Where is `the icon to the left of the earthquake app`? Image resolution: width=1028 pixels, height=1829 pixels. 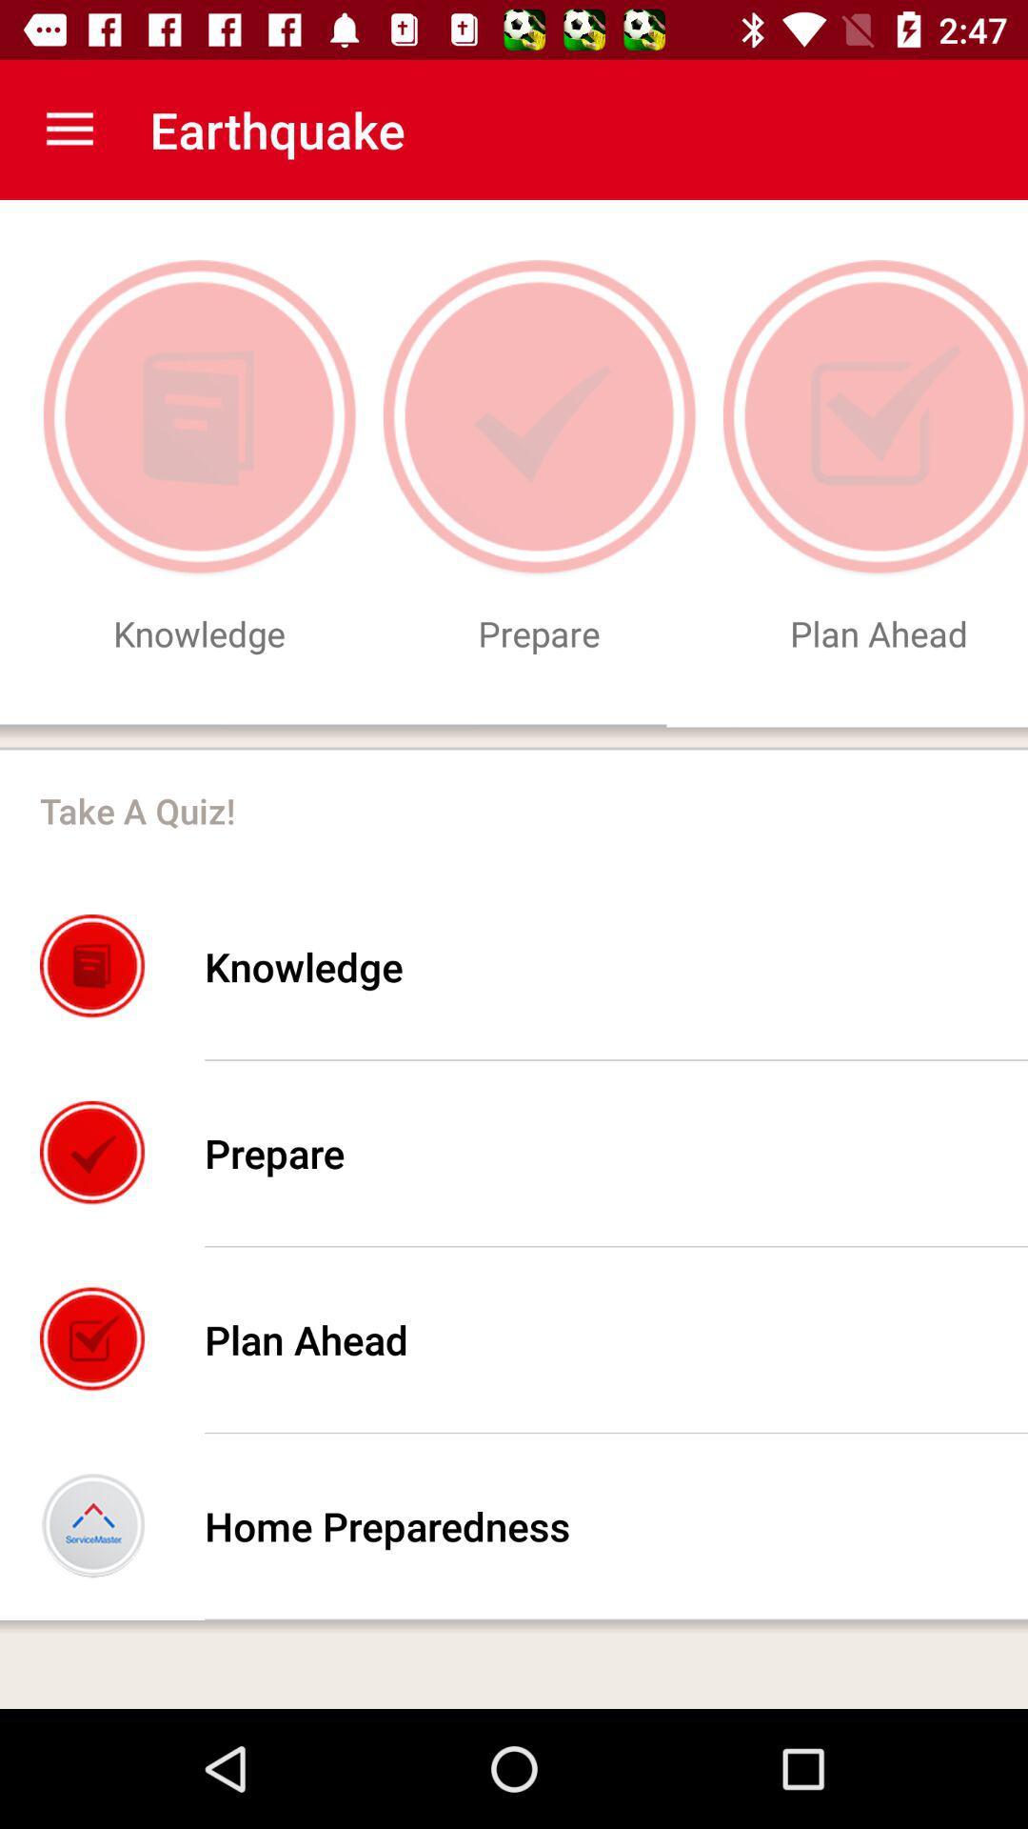 the icon to the left of the earthquake app is located at coordinates (69, 129).